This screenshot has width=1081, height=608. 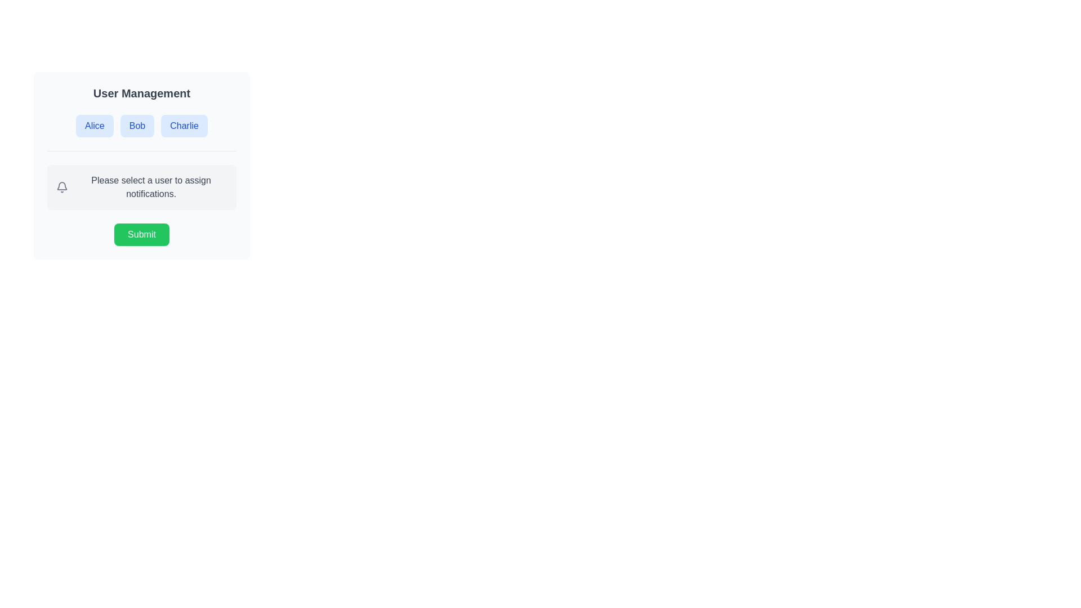 I want to click on the informational card with a bell icon and the message 'Please select a user to assign notifications.' located in the User Management section, so click(x=141, y=186).